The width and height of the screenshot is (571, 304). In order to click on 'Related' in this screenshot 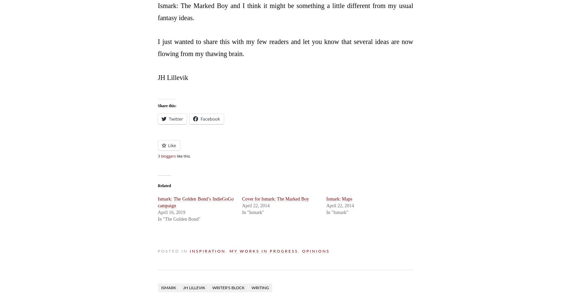, I will do `click(164, 185)`.